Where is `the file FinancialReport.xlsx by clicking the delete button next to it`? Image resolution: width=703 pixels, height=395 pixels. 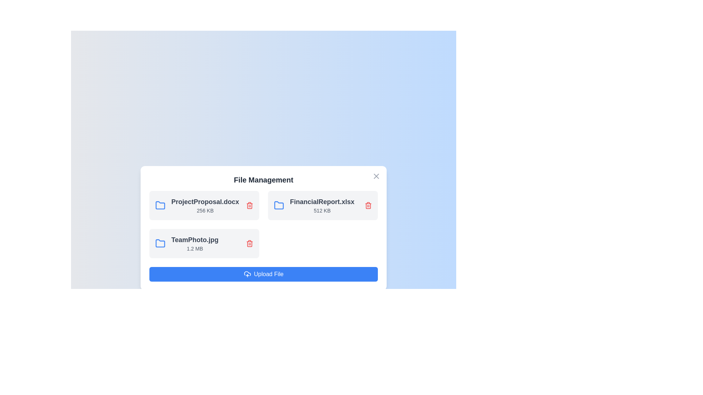
the file FinancialReport.xlsx by clicking the delete button next to it is located at coordinates (368, 206).